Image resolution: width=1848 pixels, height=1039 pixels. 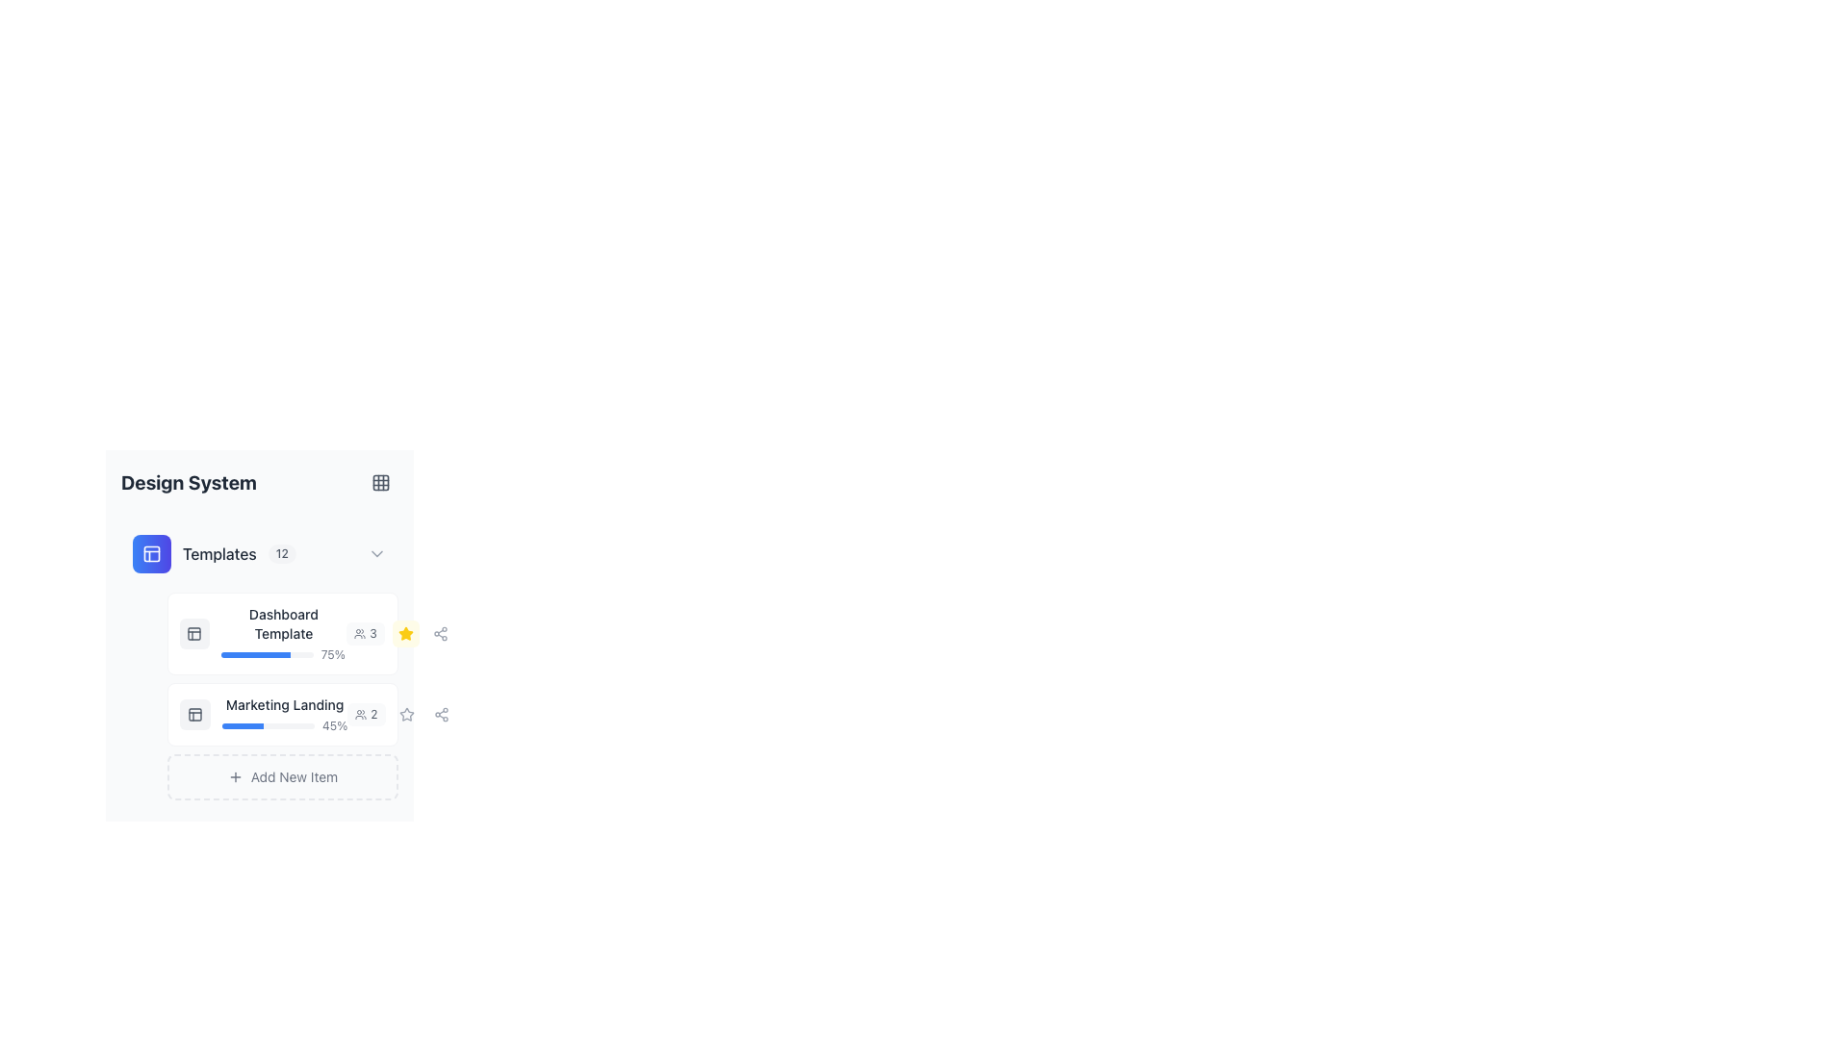 What do you see at coordinates (405, 715) in the screenshot?
I see `the star icon button located on the right side of the 'Marketing Landing' template row to mark it as a favorite` at bounding box center [405, 715].